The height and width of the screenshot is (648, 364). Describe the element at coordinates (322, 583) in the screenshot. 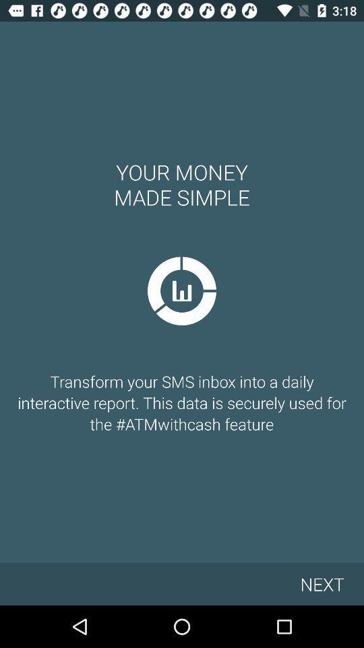

I see `the item at the bottom right corner` at that location.